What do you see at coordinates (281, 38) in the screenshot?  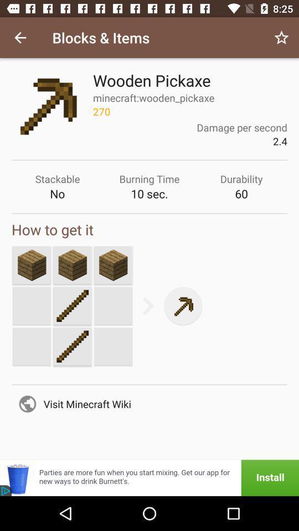 I see `the item above the damage per second item` at bounding box center [281, 38].